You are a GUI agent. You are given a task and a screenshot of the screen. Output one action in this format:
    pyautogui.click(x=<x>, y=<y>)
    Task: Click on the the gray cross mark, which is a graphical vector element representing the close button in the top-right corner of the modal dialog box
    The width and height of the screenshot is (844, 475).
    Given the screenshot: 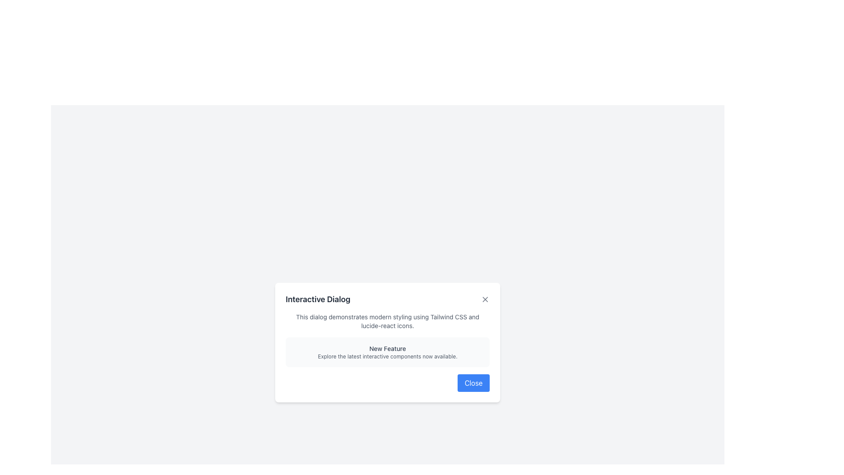 What is the action you would take?
    pyautogui.click(x=485, y=299)
    